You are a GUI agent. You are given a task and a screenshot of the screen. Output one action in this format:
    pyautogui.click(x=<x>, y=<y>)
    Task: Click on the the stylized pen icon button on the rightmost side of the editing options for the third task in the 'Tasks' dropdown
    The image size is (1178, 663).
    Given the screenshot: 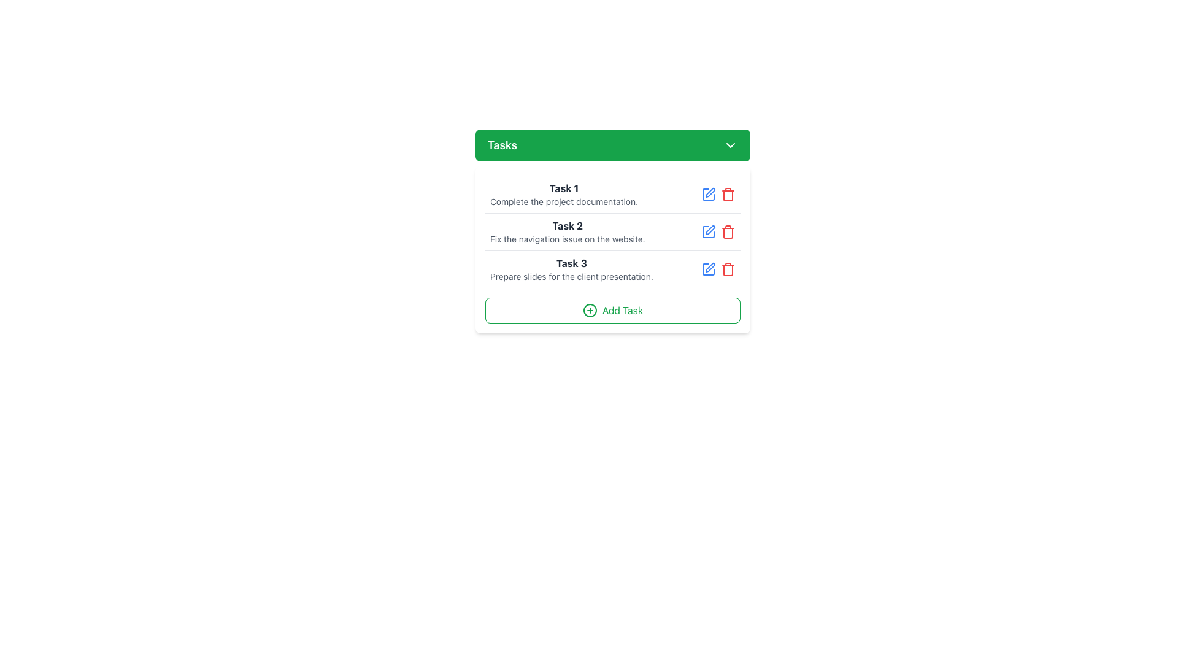 What is the action you would take?
    pyautogui.click(x=709, y=266)
    